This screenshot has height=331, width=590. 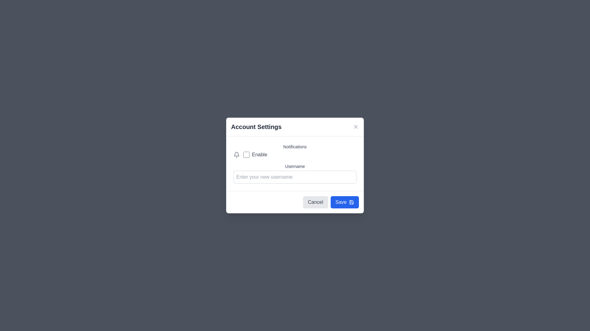 I want to click on the save icon, which is part of the button labeled 'Save' located at the bottom-right corner of the dialog, so click(x=351, y=202).